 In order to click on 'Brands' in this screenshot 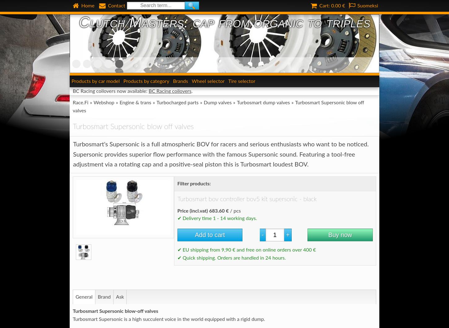, I will do `click(172, 81)`.